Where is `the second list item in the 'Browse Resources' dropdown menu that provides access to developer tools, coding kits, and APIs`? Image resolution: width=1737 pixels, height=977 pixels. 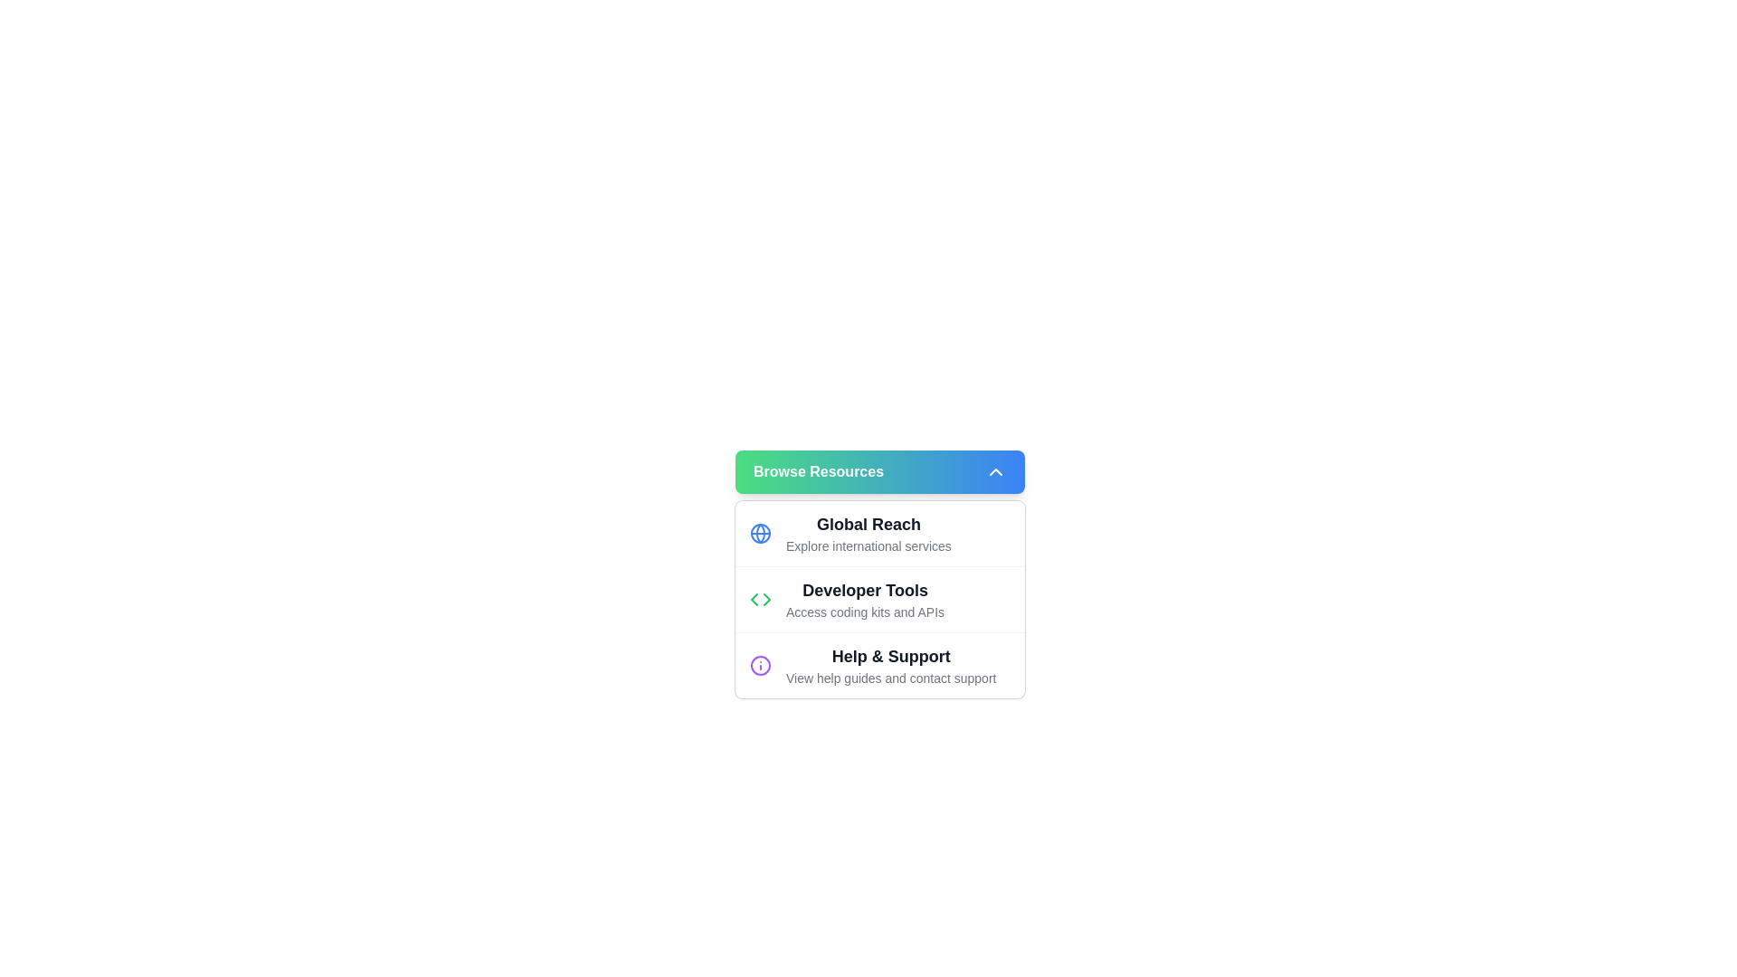 the second list item in the 'Browse Resources' dropdown menu that provides access to developer tools, coding kits, and APIs is located at coordinates (880, 599).